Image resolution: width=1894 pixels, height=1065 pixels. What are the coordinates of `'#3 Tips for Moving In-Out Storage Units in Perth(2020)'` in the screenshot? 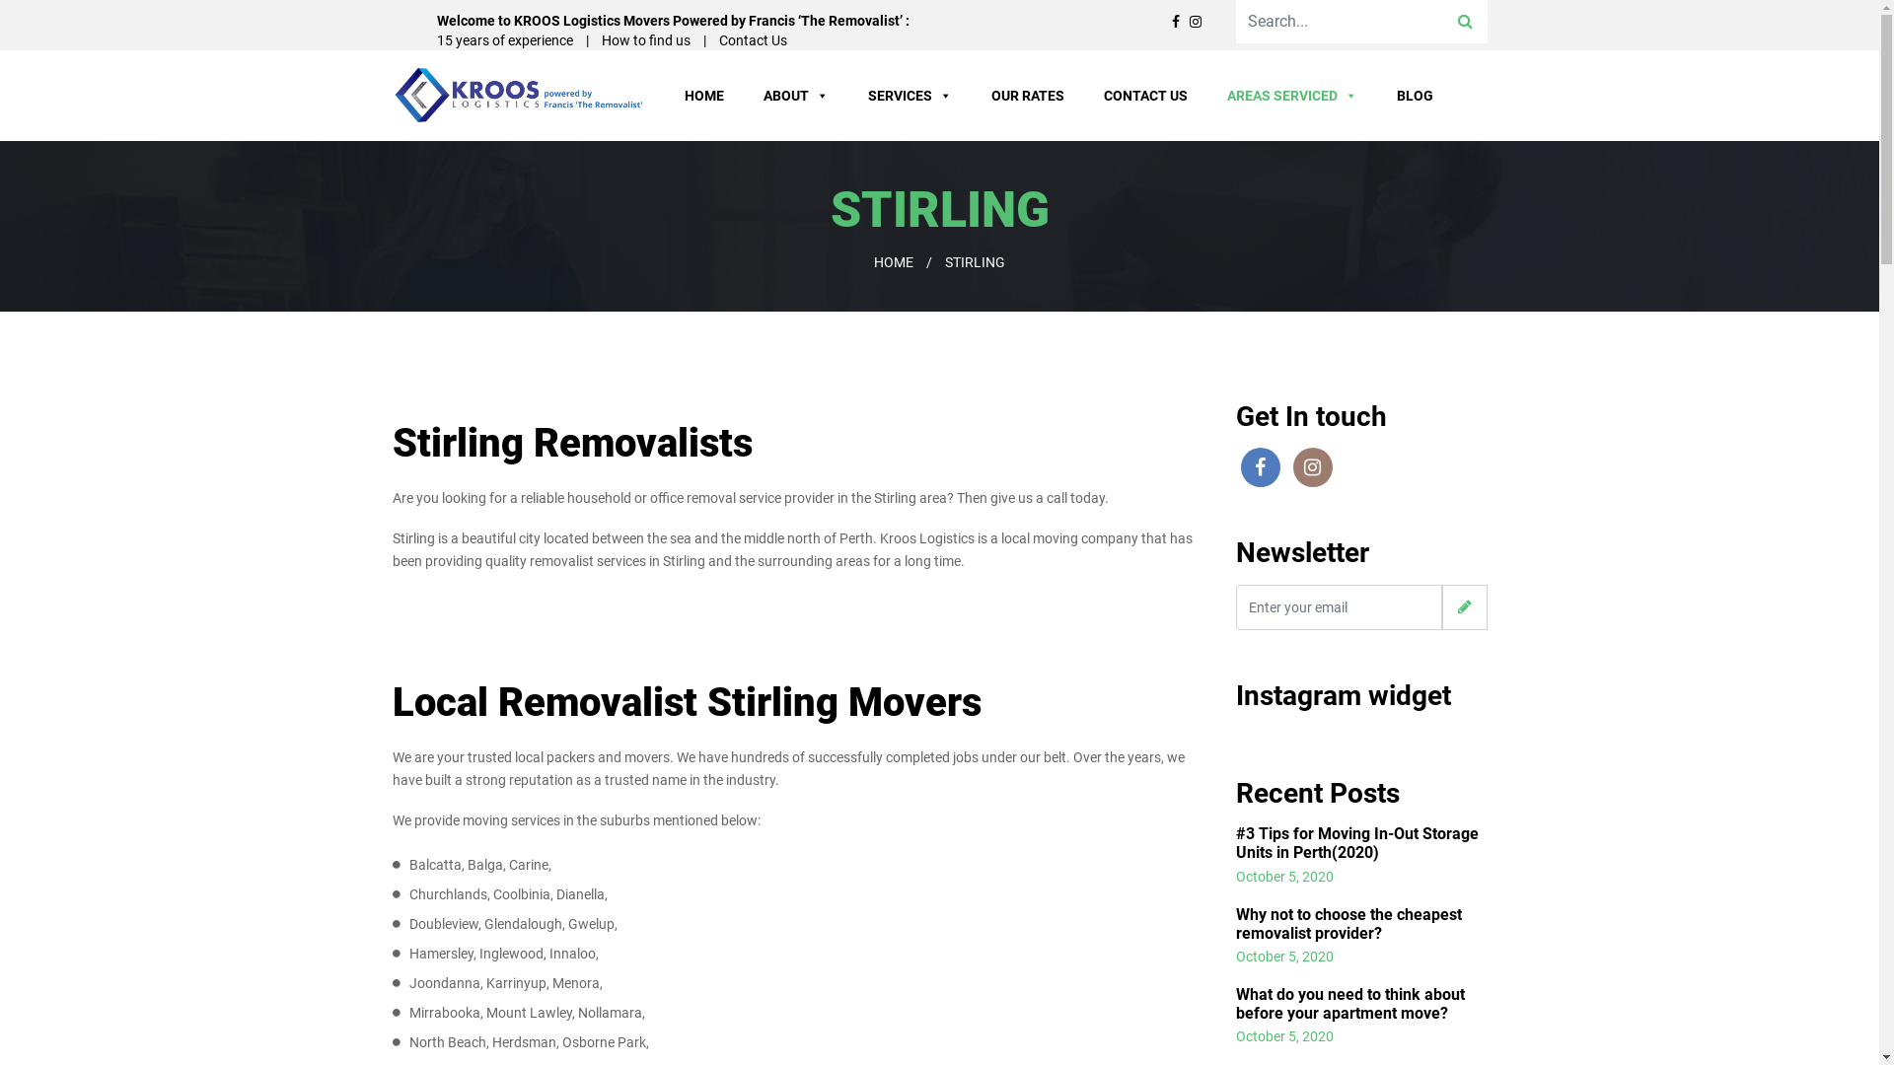 It's located at (1354, 843).